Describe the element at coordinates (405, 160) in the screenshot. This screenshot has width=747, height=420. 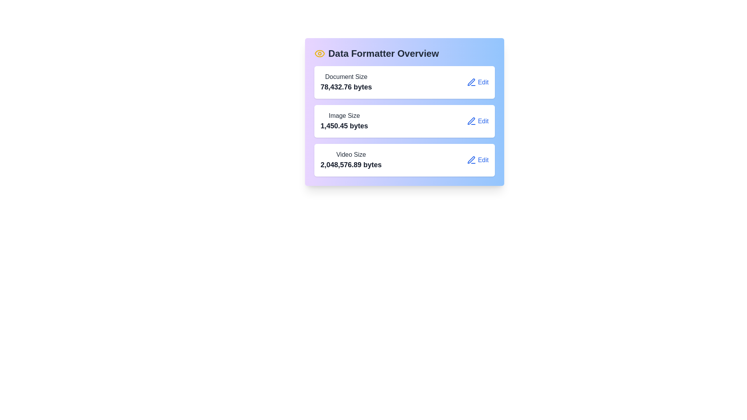
I see `the 'Edit' link on the third card-like informational block that provides video file size details, located in the 'Data Formatter Overview' section` at that location.